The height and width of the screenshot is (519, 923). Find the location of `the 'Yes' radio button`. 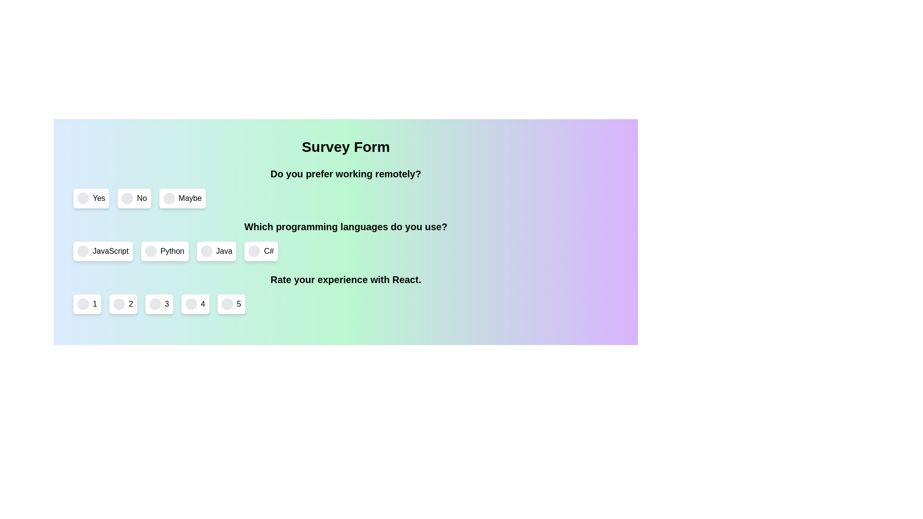

the 'Yes' radio button is located at coordinates (83, 198).